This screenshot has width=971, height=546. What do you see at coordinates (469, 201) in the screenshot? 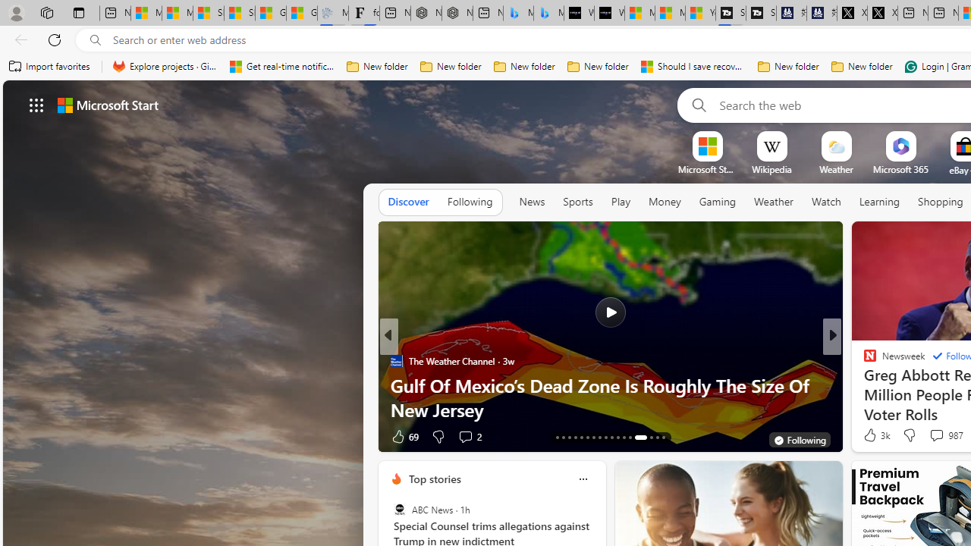
I see `'Following'` at bounding box center [469, 201].